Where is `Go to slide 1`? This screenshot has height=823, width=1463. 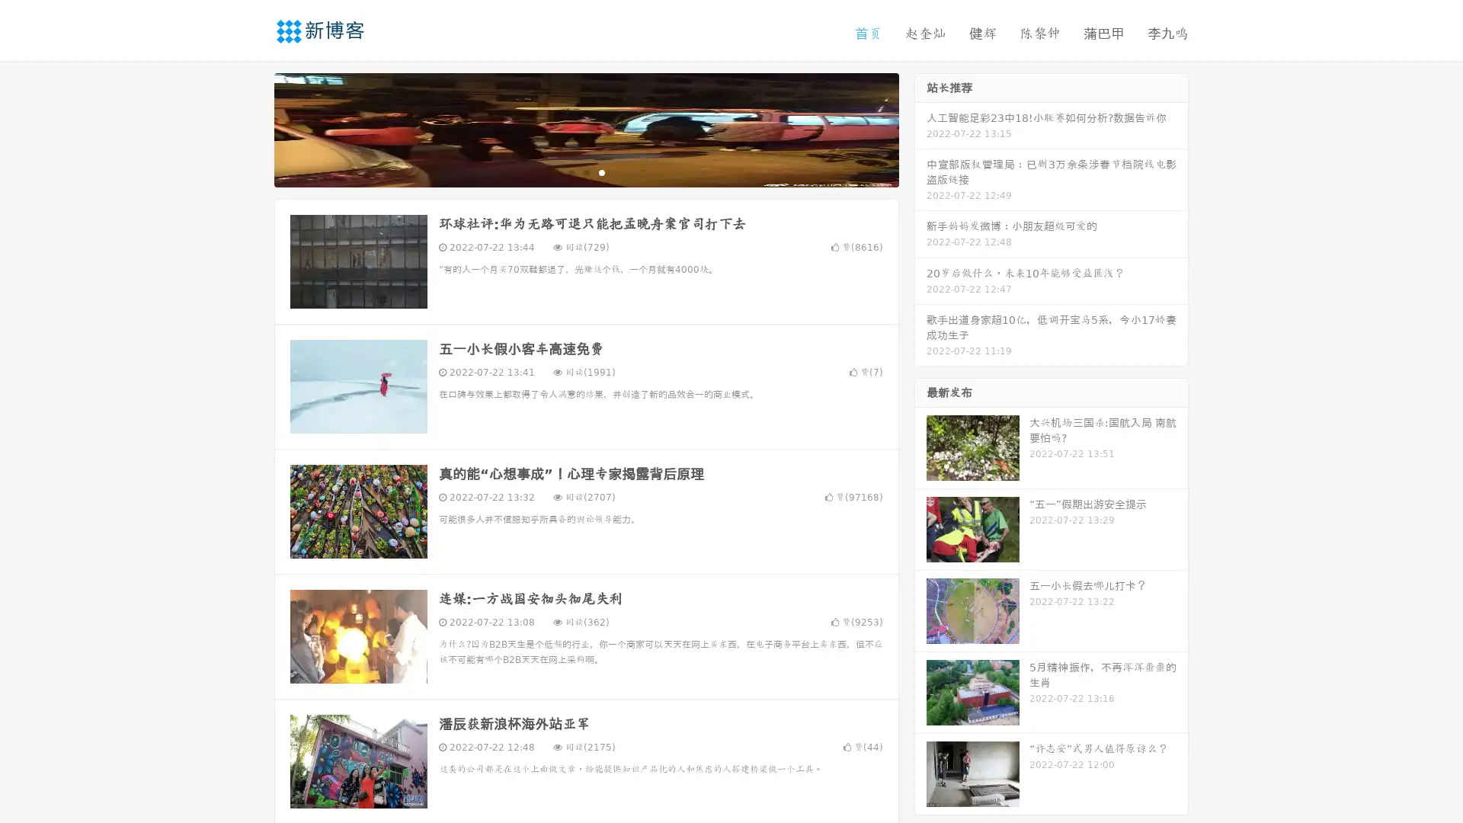
Go to slide 1 is located at coordinates (570, 171).